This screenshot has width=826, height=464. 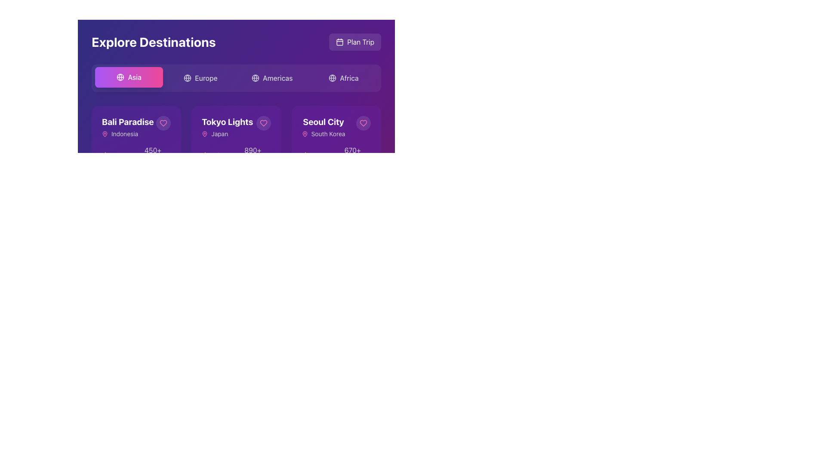 I want to click on the 'Europe' button, so click(x=200, y=78).